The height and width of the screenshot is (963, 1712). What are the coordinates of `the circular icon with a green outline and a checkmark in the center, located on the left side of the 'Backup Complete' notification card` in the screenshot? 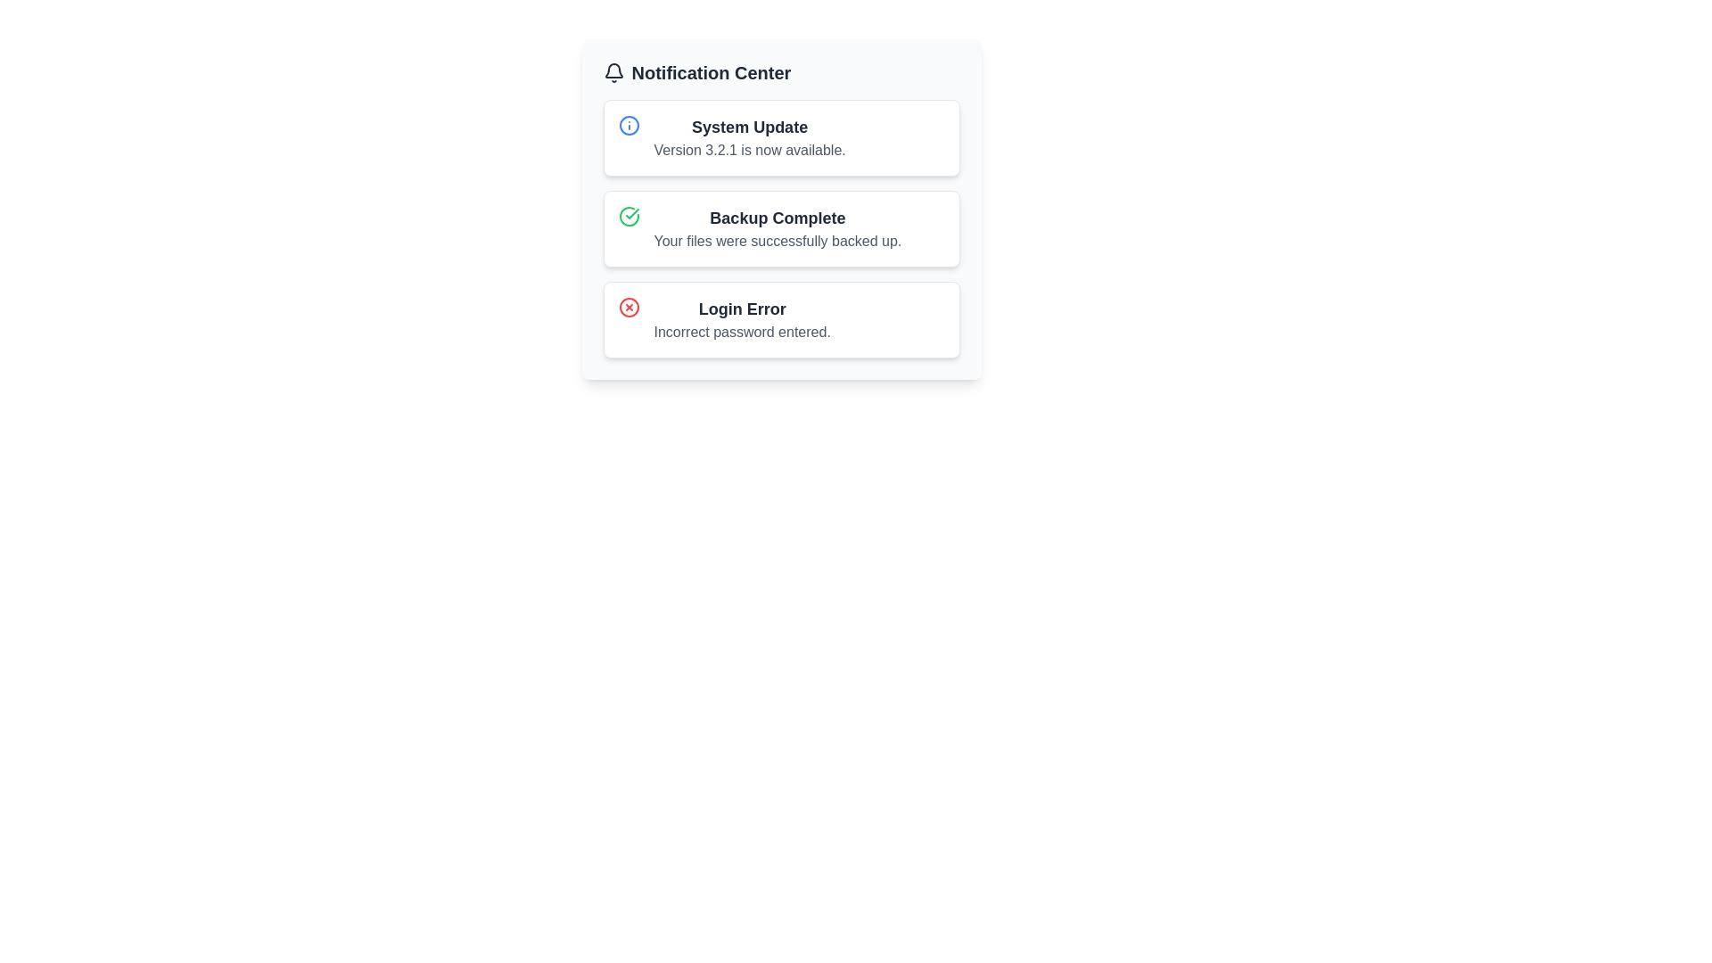 It's located at (629, 228).